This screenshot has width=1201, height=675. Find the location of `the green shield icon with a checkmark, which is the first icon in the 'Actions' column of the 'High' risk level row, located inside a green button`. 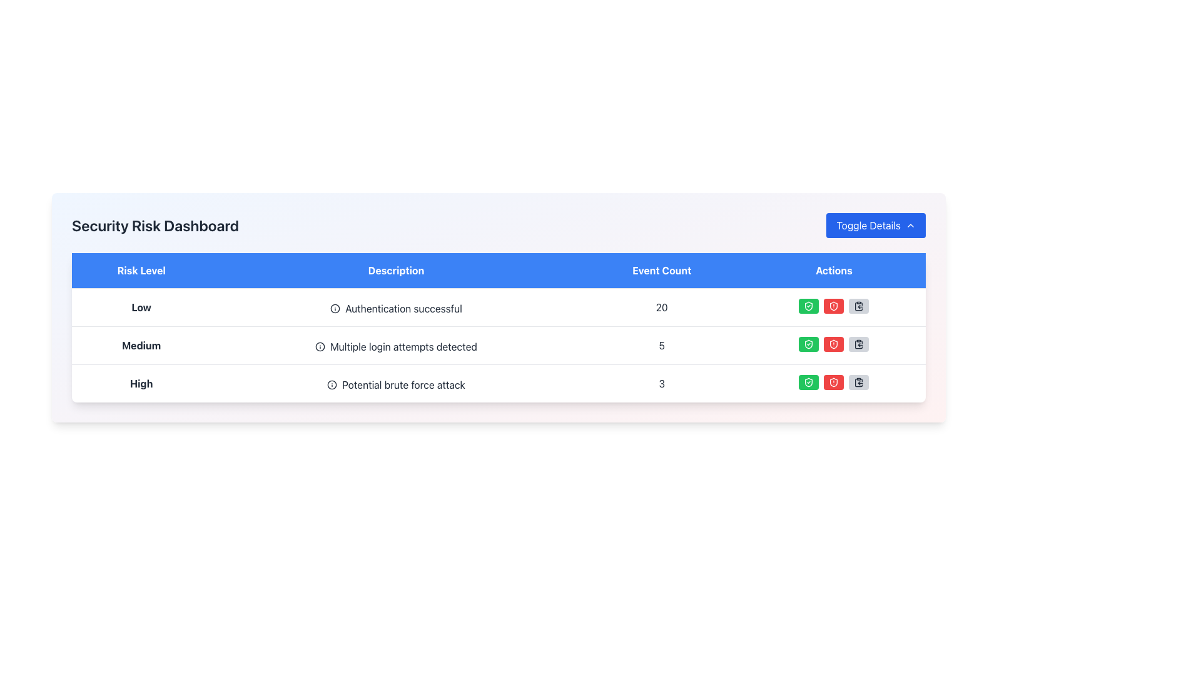

the green shield icon with a checkmark, which is the first icon in the 'Actions' column of the 'High' risk level row, located inside a green button is located at coordinates (809, 382).